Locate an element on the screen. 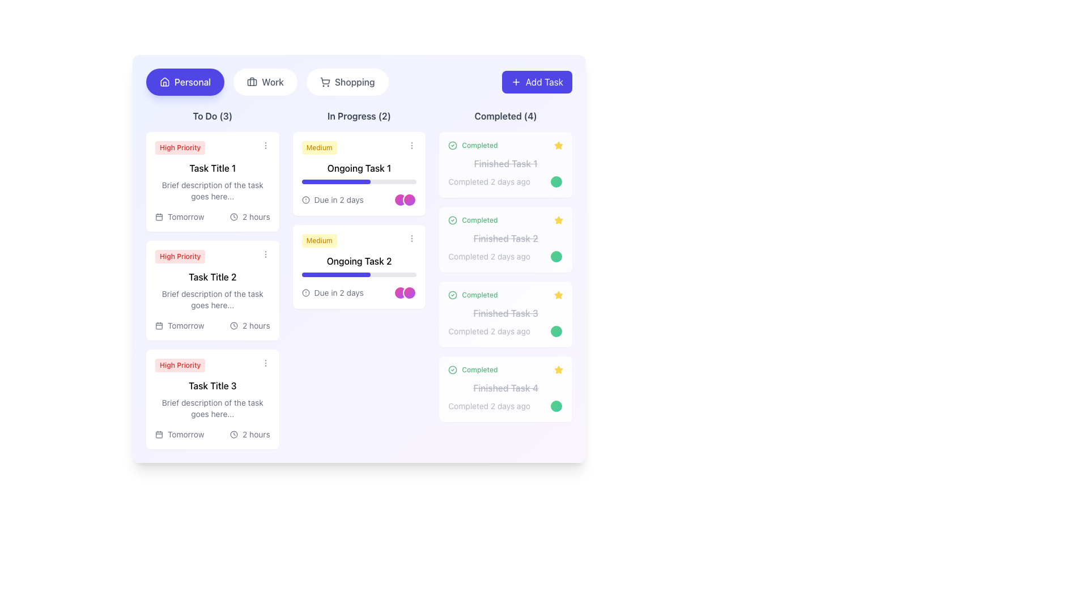 The width and height of the screenshot is (1088, 612). the alert icon located to the left of the text 'Due in 2 days' in the 'In Progress' section for the task labeled 'Ongoing Task 2' is located at coordinates (305, 292).